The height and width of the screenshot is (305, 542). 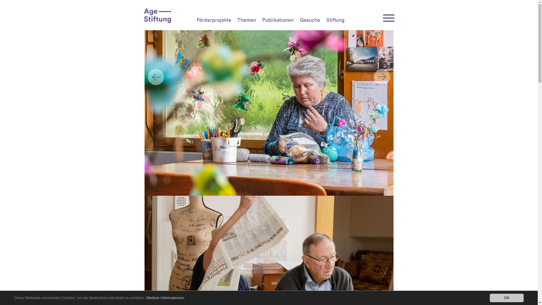 What do you see at coordinates (277, 19) in the screenshot?
I see `'Publikationen'` at bounding box center [277, 19].